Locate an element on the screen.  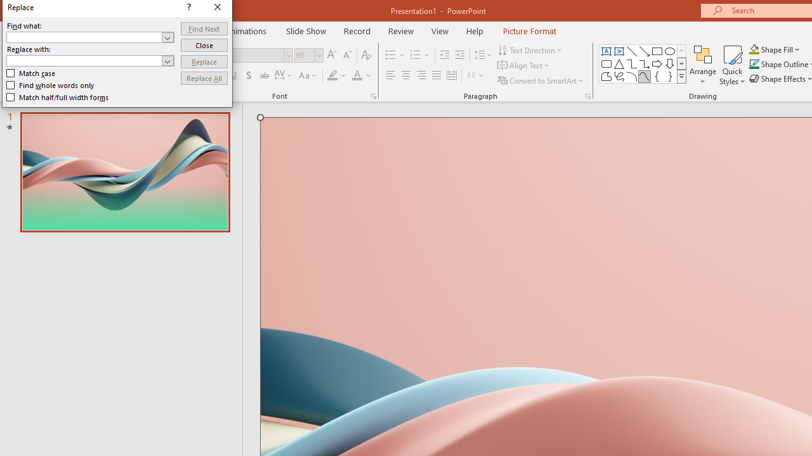
'Columns' is located at coordinates (475, 75).